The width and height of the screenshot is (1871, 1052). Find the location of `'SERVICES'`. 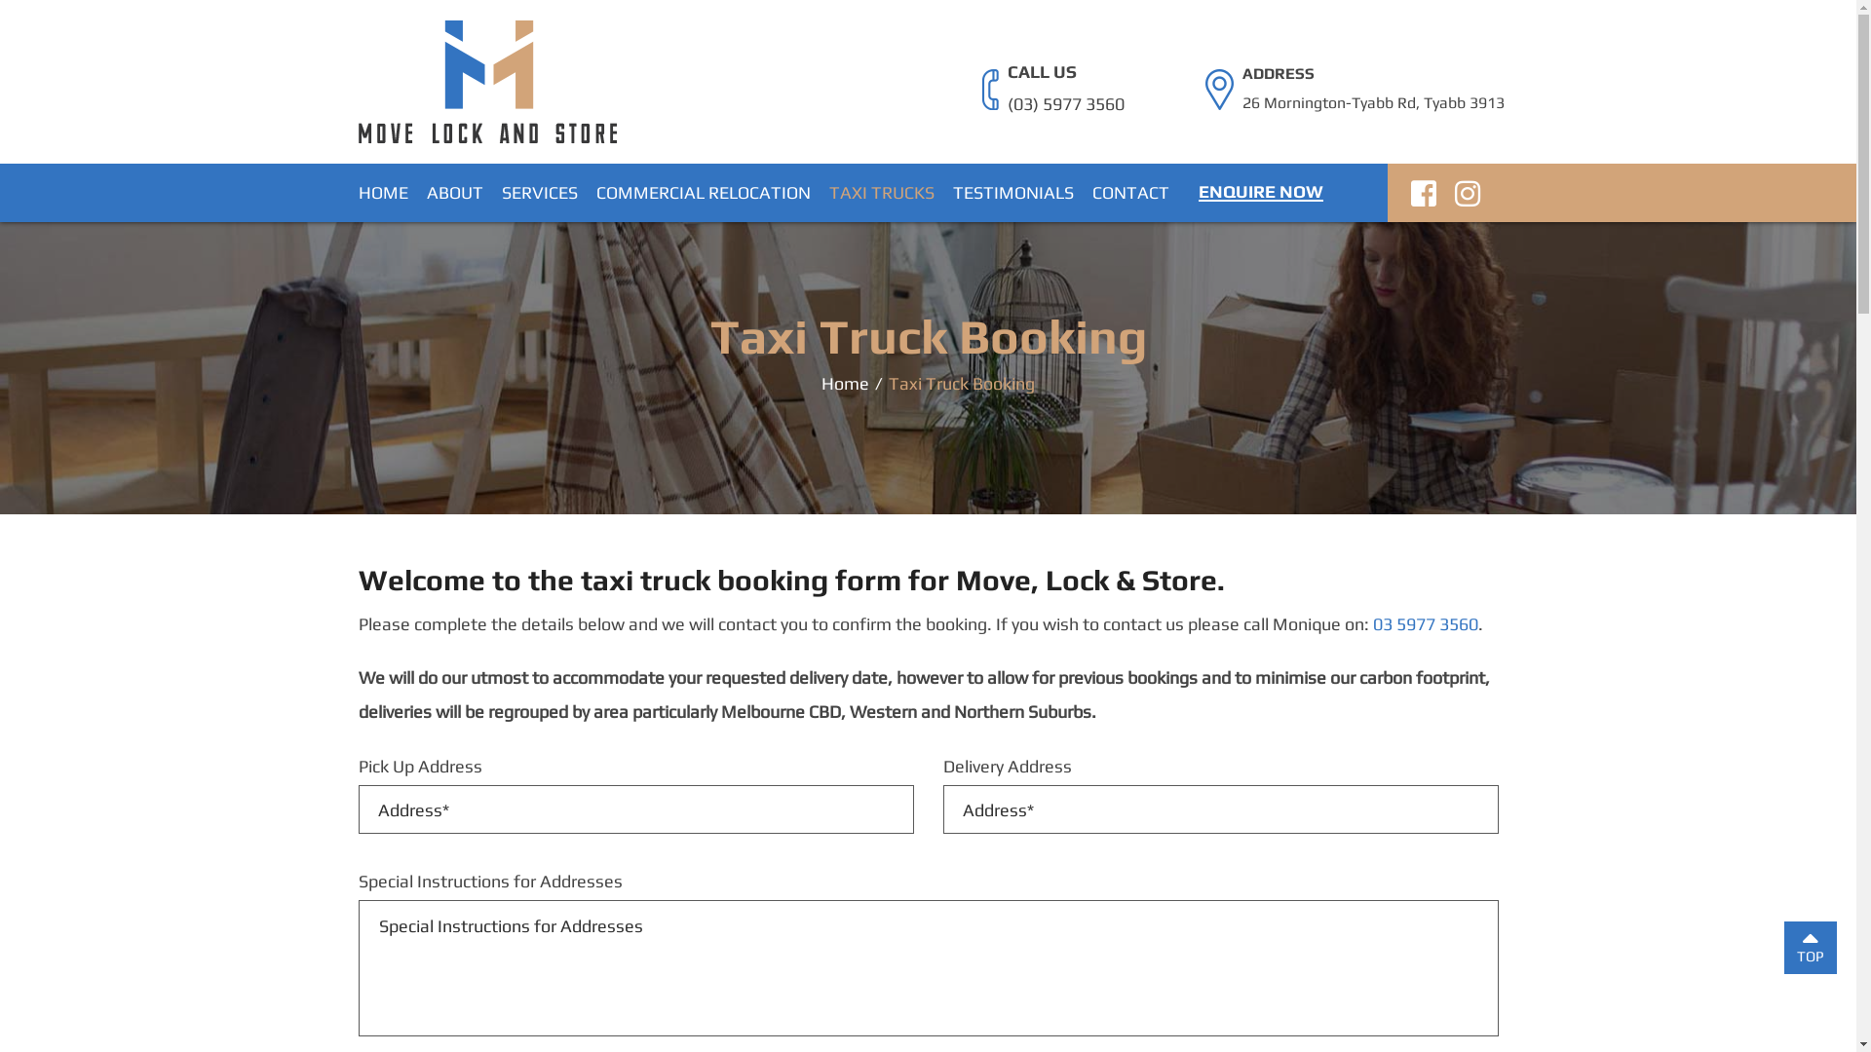

'SERVICES' is located at coordinates (500, 192).